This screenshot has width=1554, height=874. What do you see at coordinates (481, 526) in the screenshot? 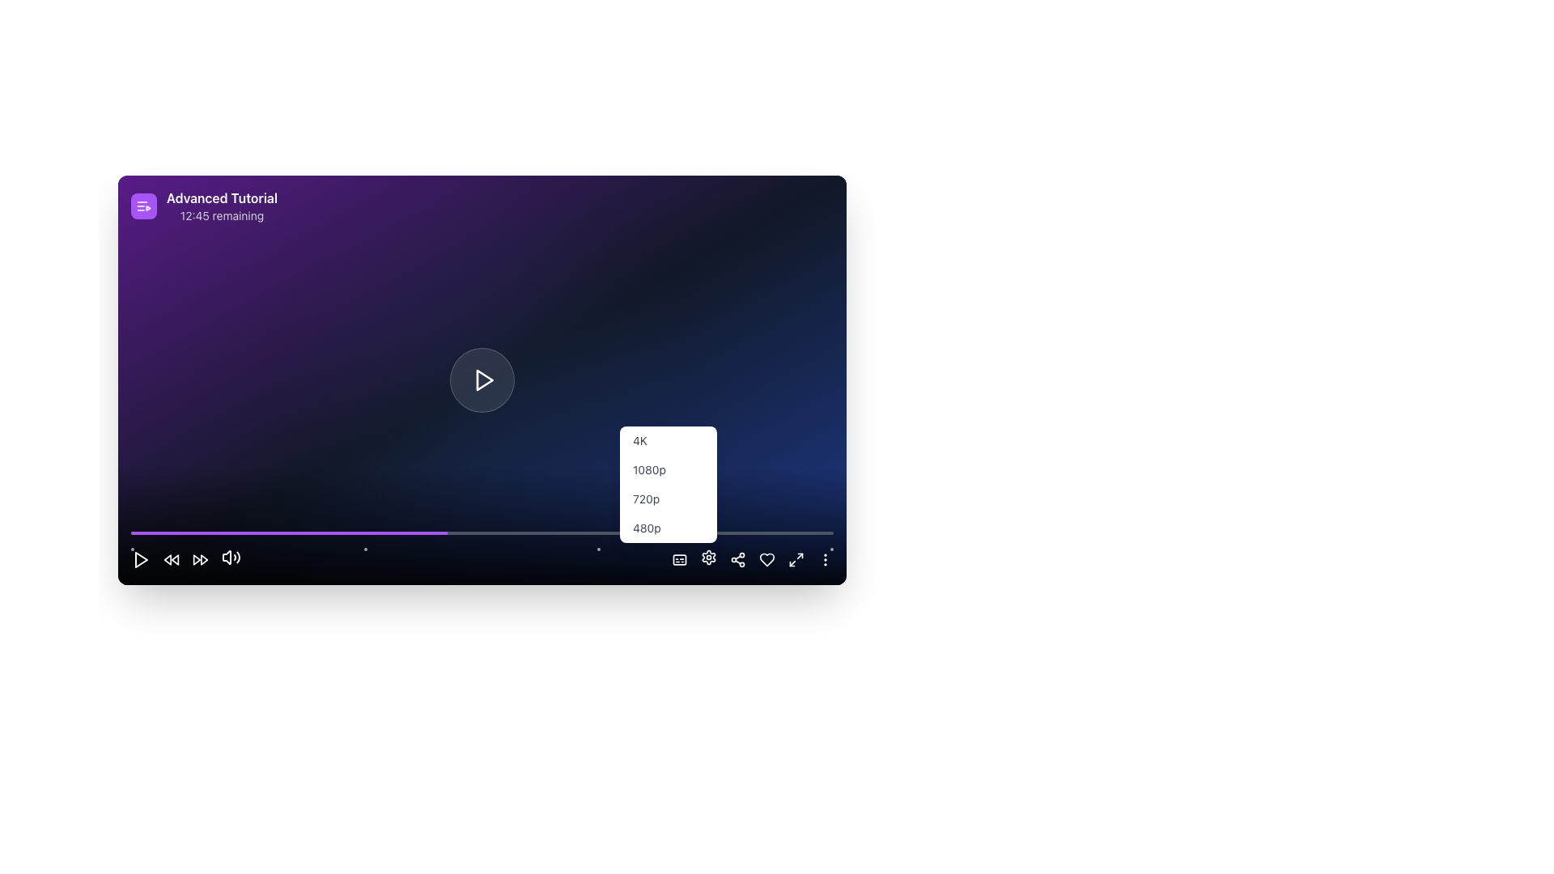
I see `the resolution option in the Progress Bar with Duration Display and Resolution Options located at the bottom section of the interface to change the video quality` at bounding box center [481, 526].